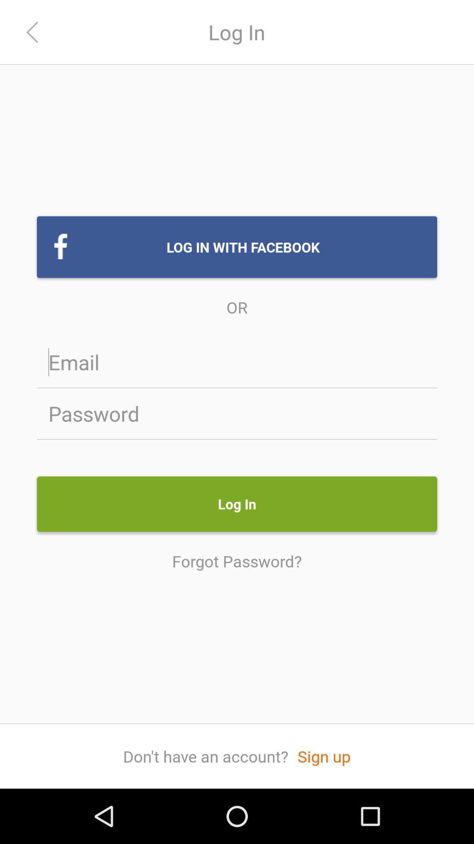  Describe the element at coordinates (237, 362) in the screenshot. I see `email` at that location.